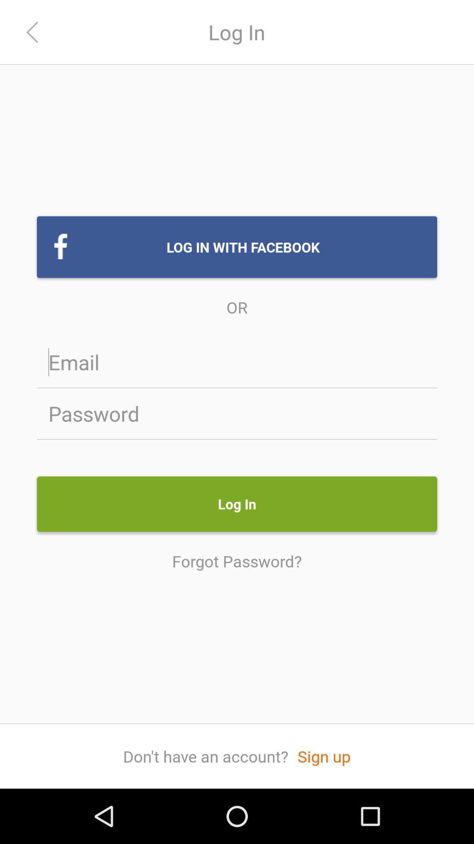  Describe the element at coordinates (237, 362) in the screenshot. I see `email` at that location.